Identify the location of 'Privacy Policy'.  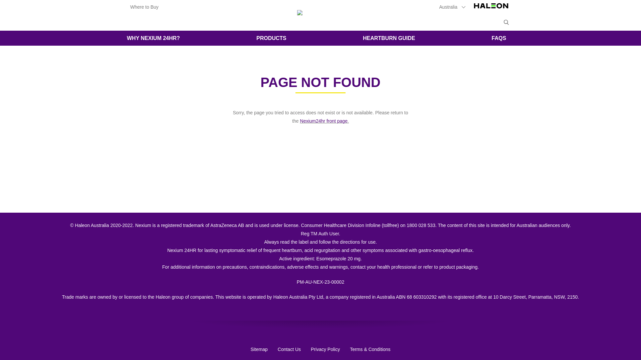
(310, 349).